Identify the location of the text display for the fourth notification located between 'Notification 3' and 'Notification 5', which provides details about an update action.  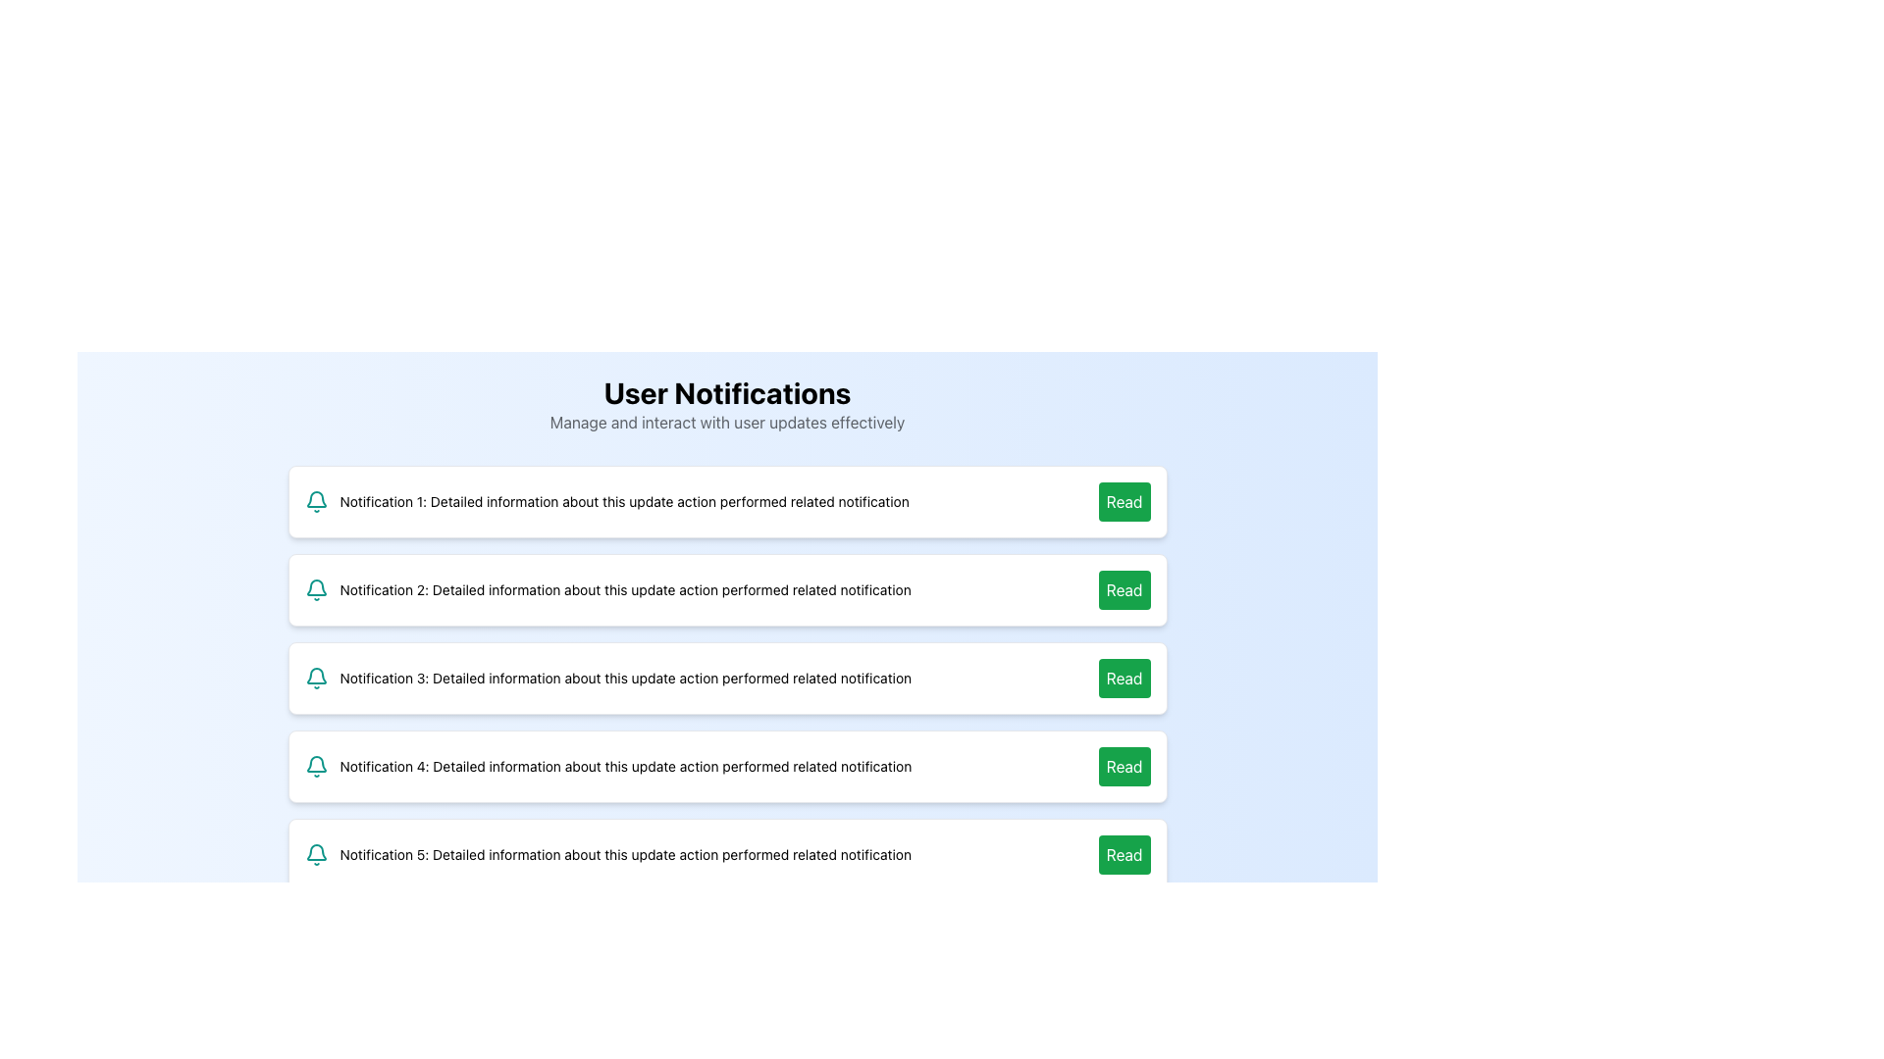
(624, 766).